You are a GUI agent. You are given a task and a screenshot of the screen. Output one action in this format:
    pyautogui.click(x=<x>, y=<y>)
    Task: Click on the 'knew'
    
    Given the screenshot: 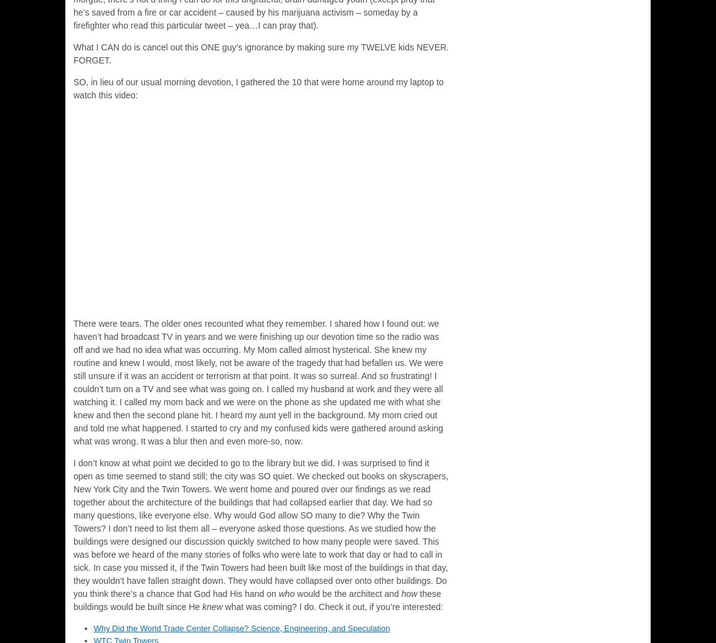 What is the action you would take?
    pyautogui.click(x=214, y=606)
    